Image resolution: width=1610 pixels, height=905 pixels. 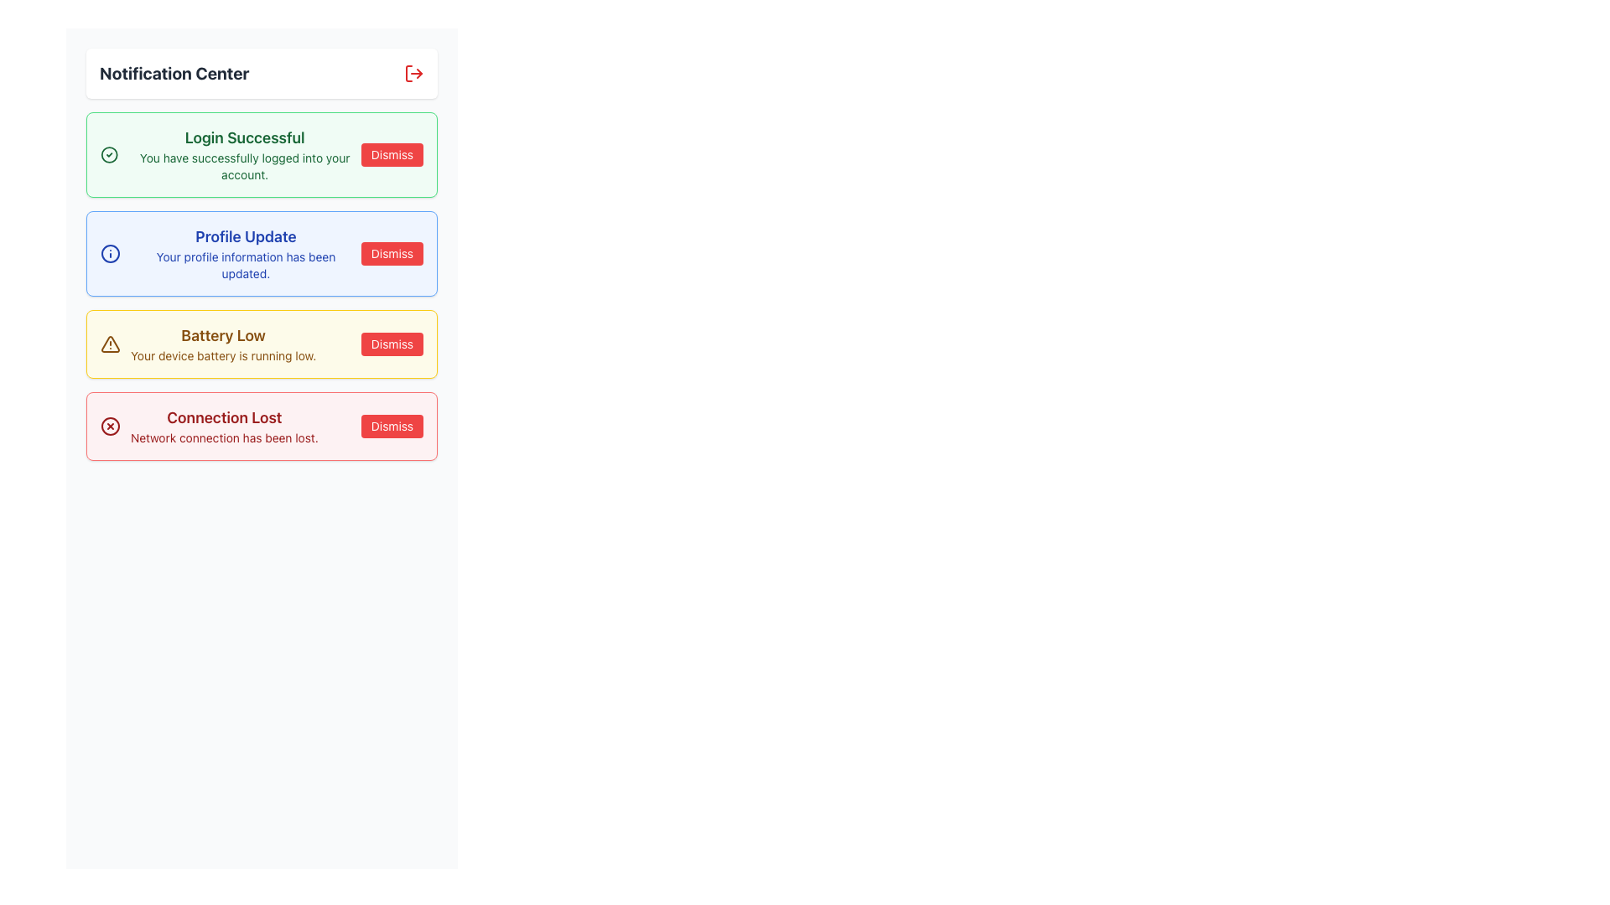 What do you see at coordinates (391, 155) in the screenshot?
I see `the dismiss button located in the topmost notification box, to the right of the 'Login Successful' message` at bounding box center [391, 155].